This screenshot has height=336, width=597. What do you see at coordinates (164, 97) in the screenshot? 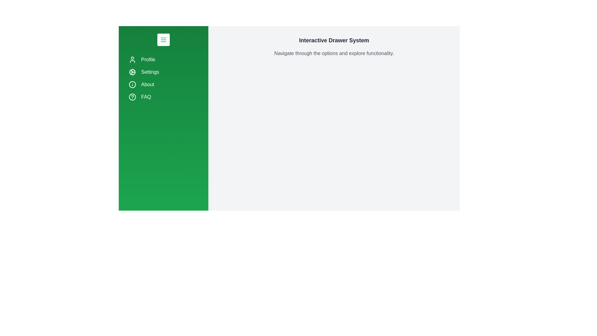
I see `the navigation item FAQ by clicking on it` at bounding box center [164, 97].